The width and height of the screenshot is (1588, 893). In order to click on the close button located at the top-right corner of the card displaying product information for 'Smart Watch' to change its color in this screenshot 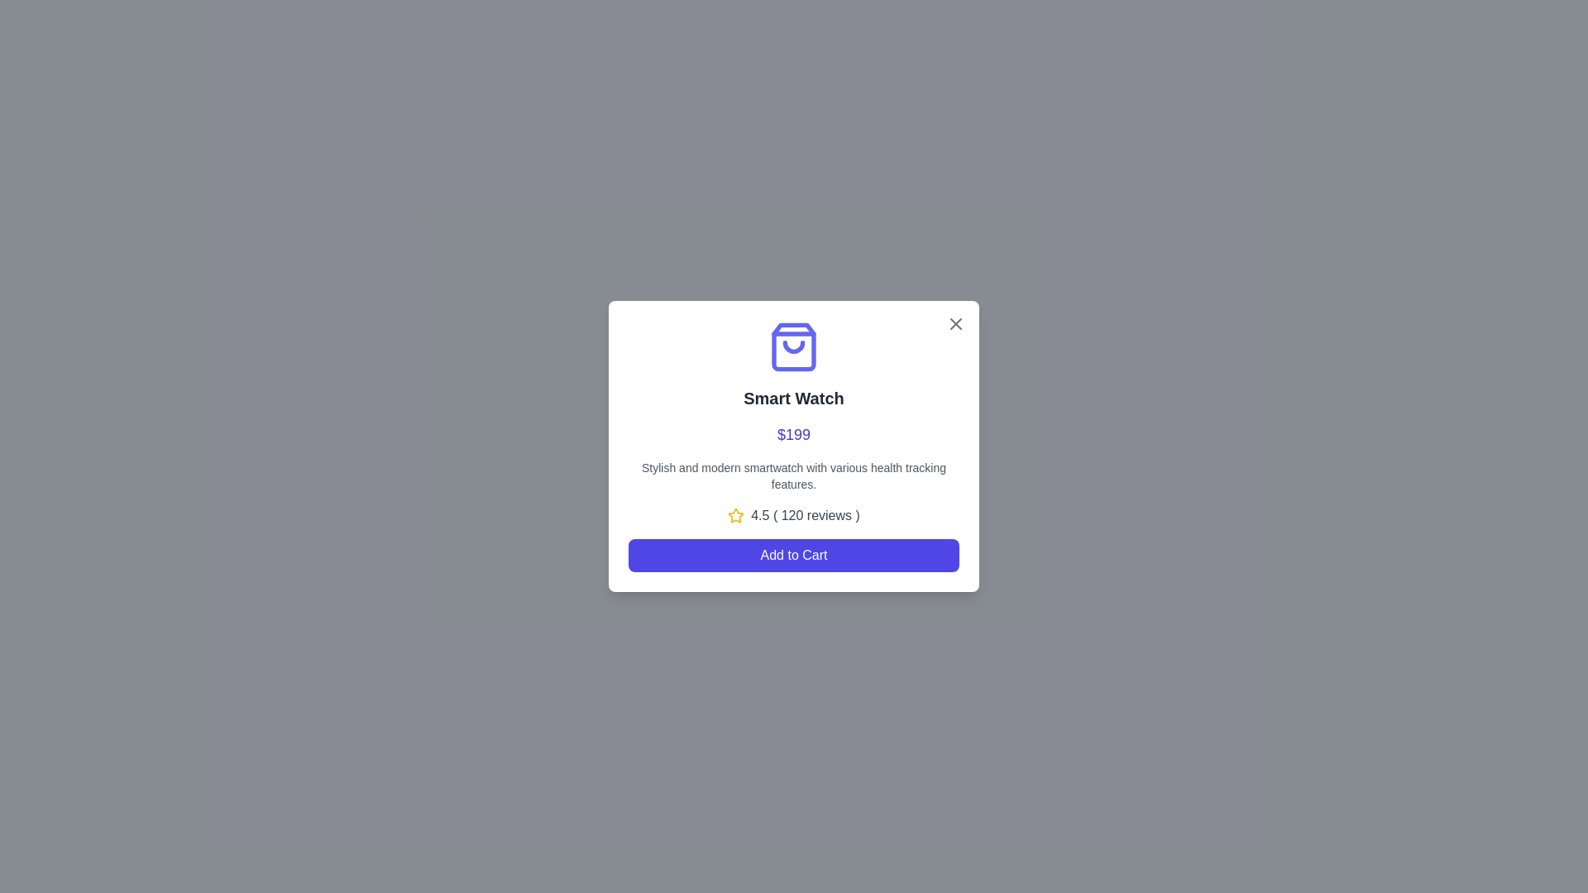, I will do `click(956, 324)`.